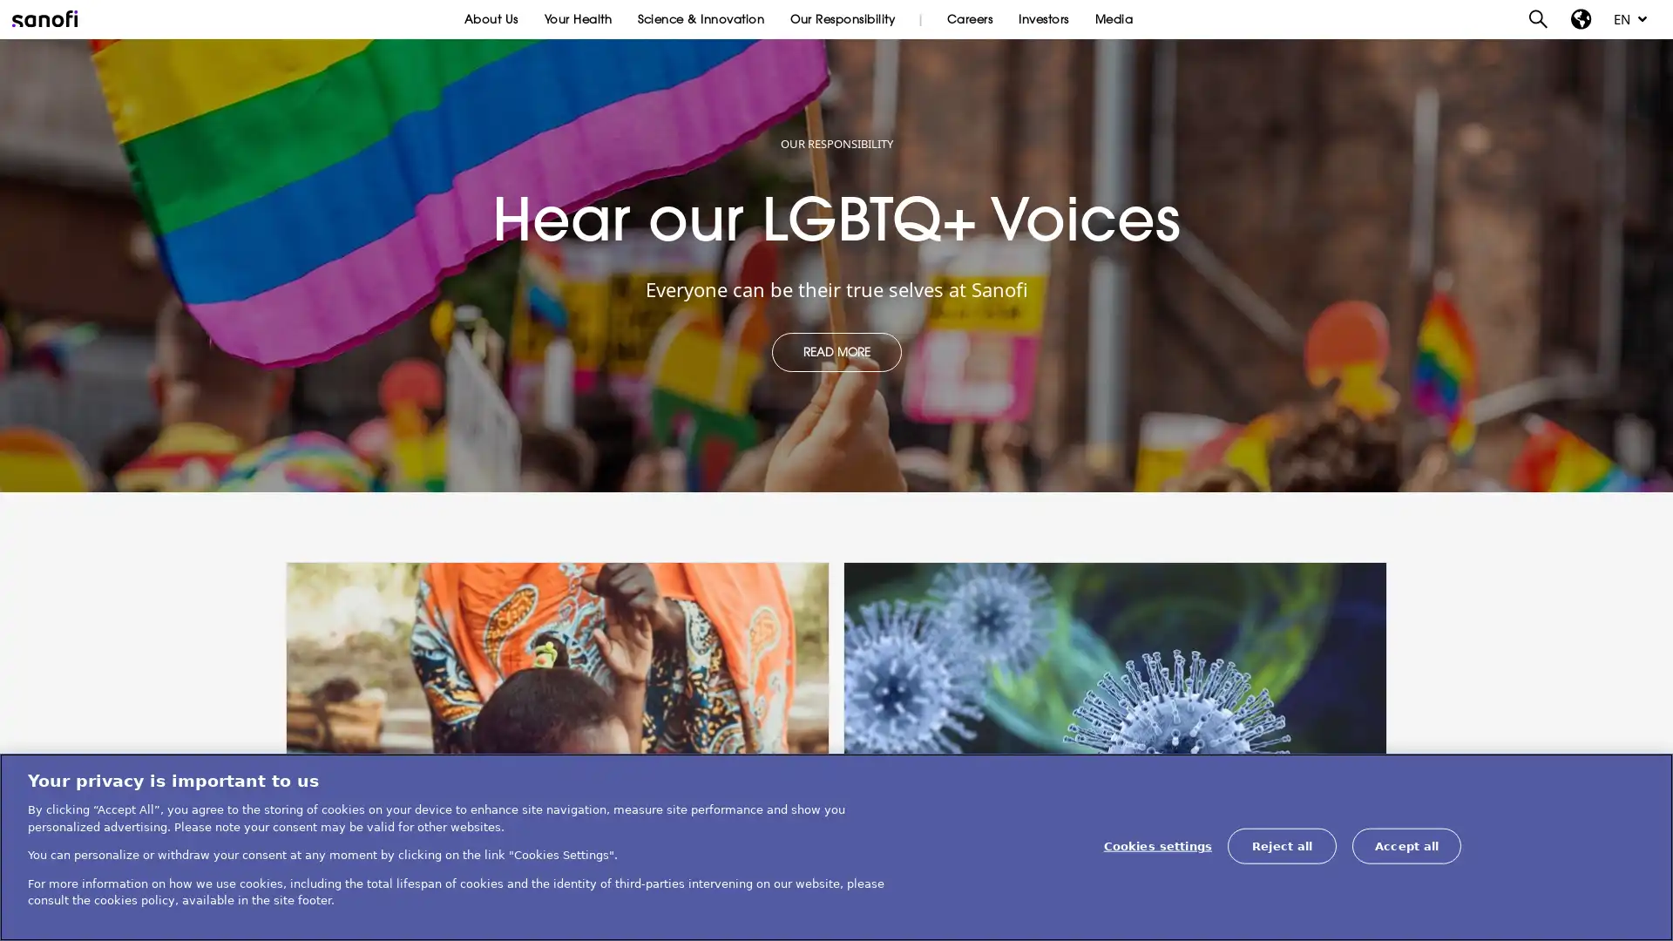  What do you see at coordinates (1616, 18) in the screenshot?
I see `EN` at bounding box center [1616, 18].